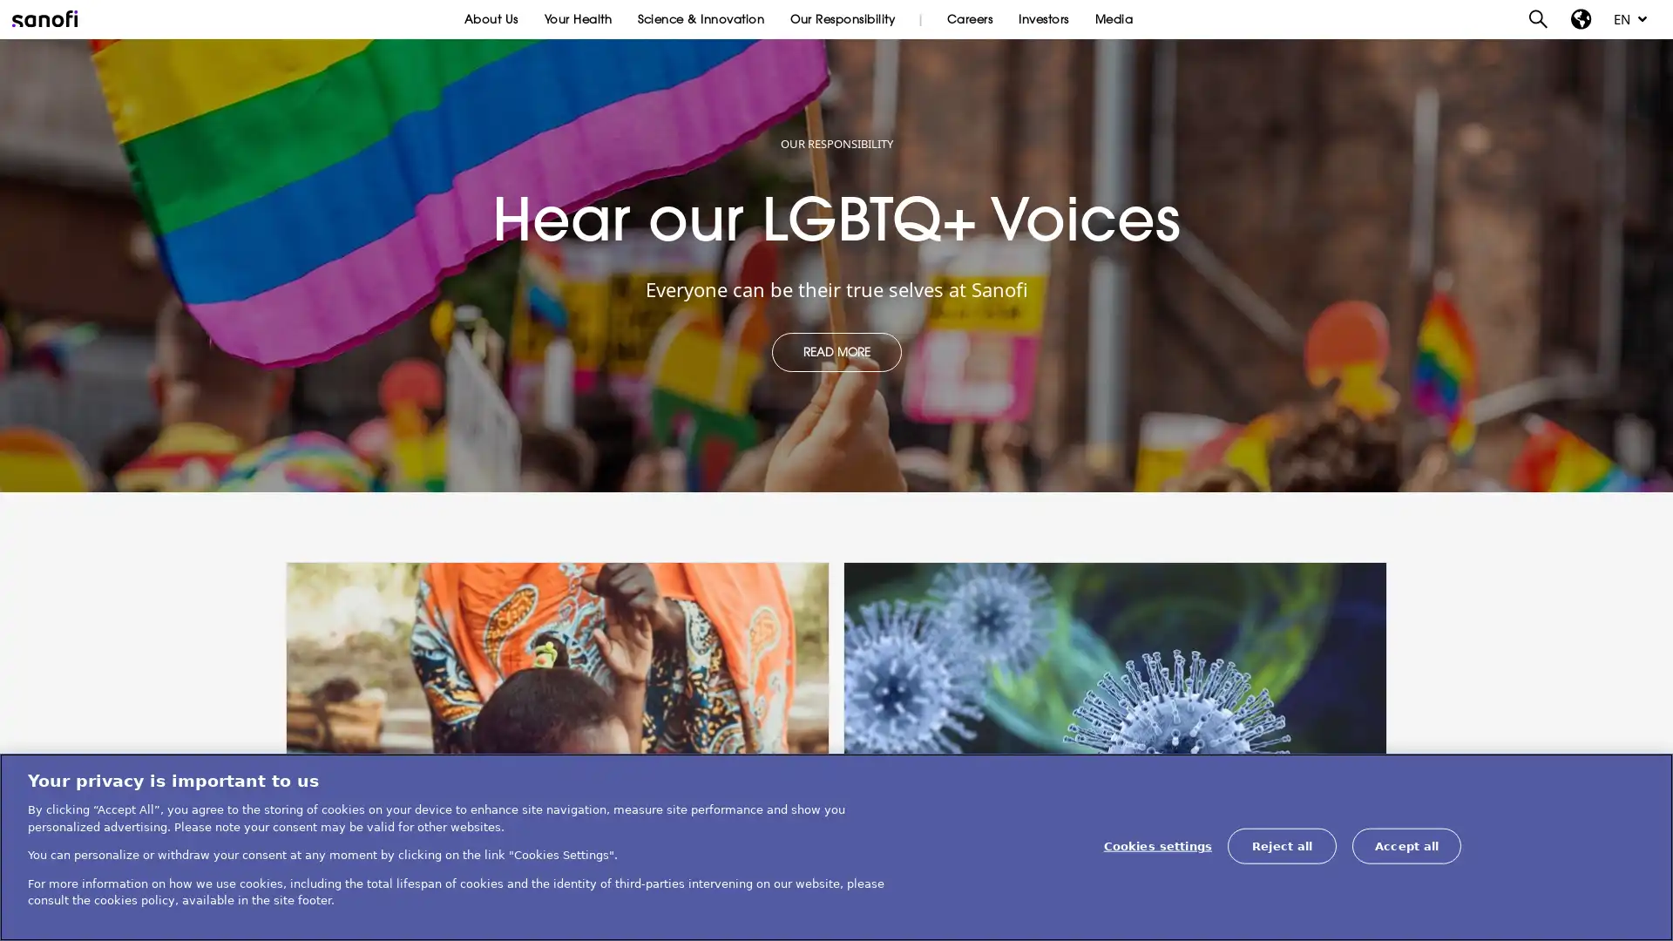  What do you see at coordinates (1616, 18) in the screenshot?
I see `EN` at bounding box center [1616, 18].